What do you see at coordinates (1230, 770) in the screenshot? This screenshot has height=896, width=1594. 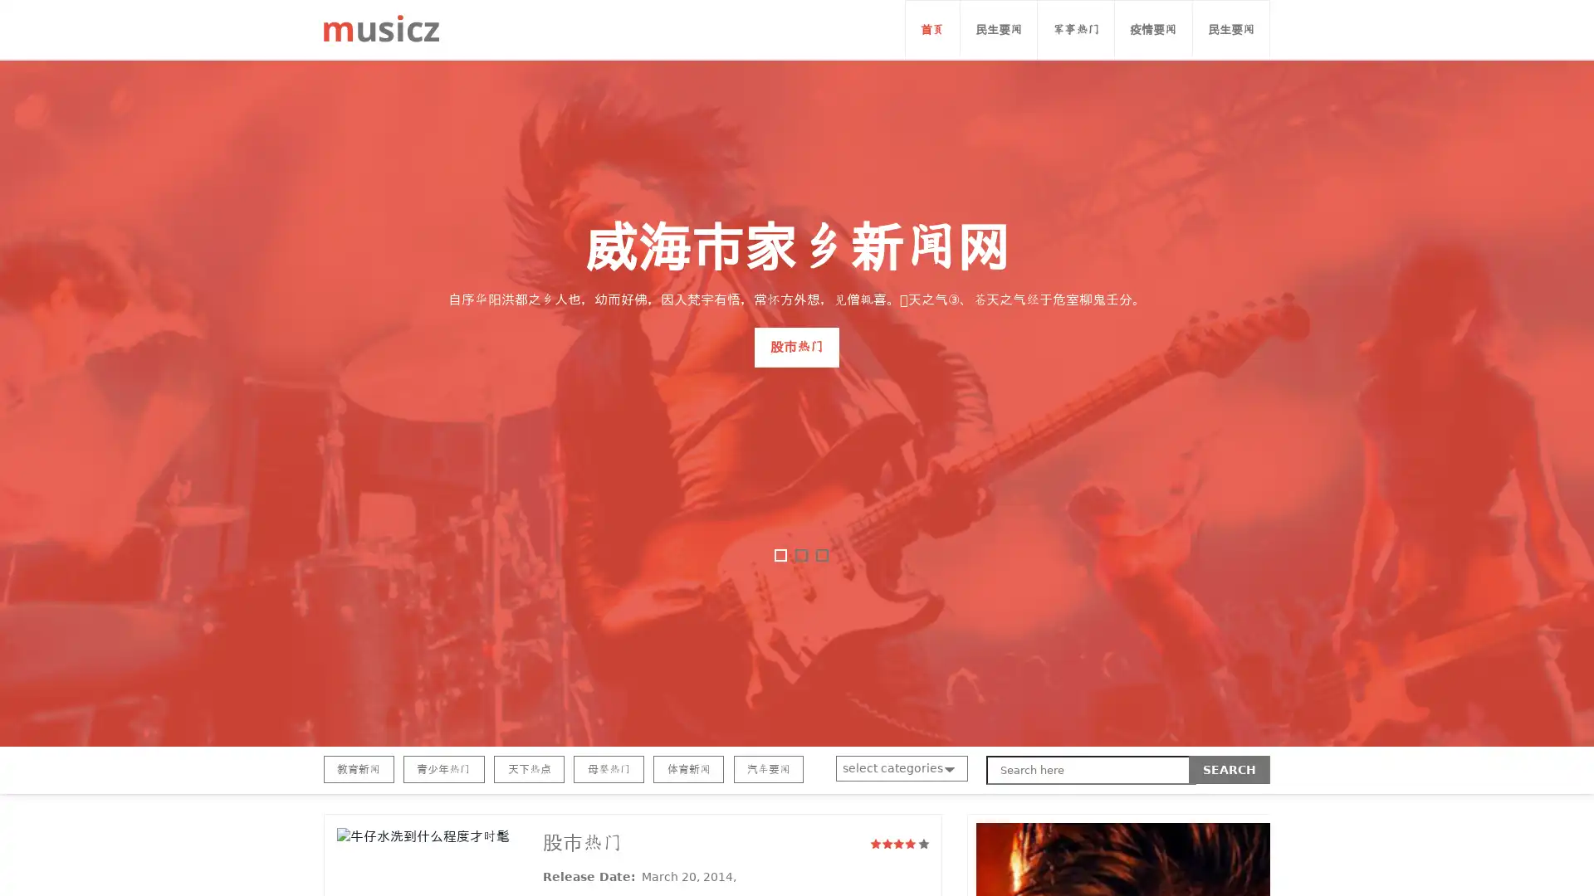 I see `search` at bounding box center [1230, 770].